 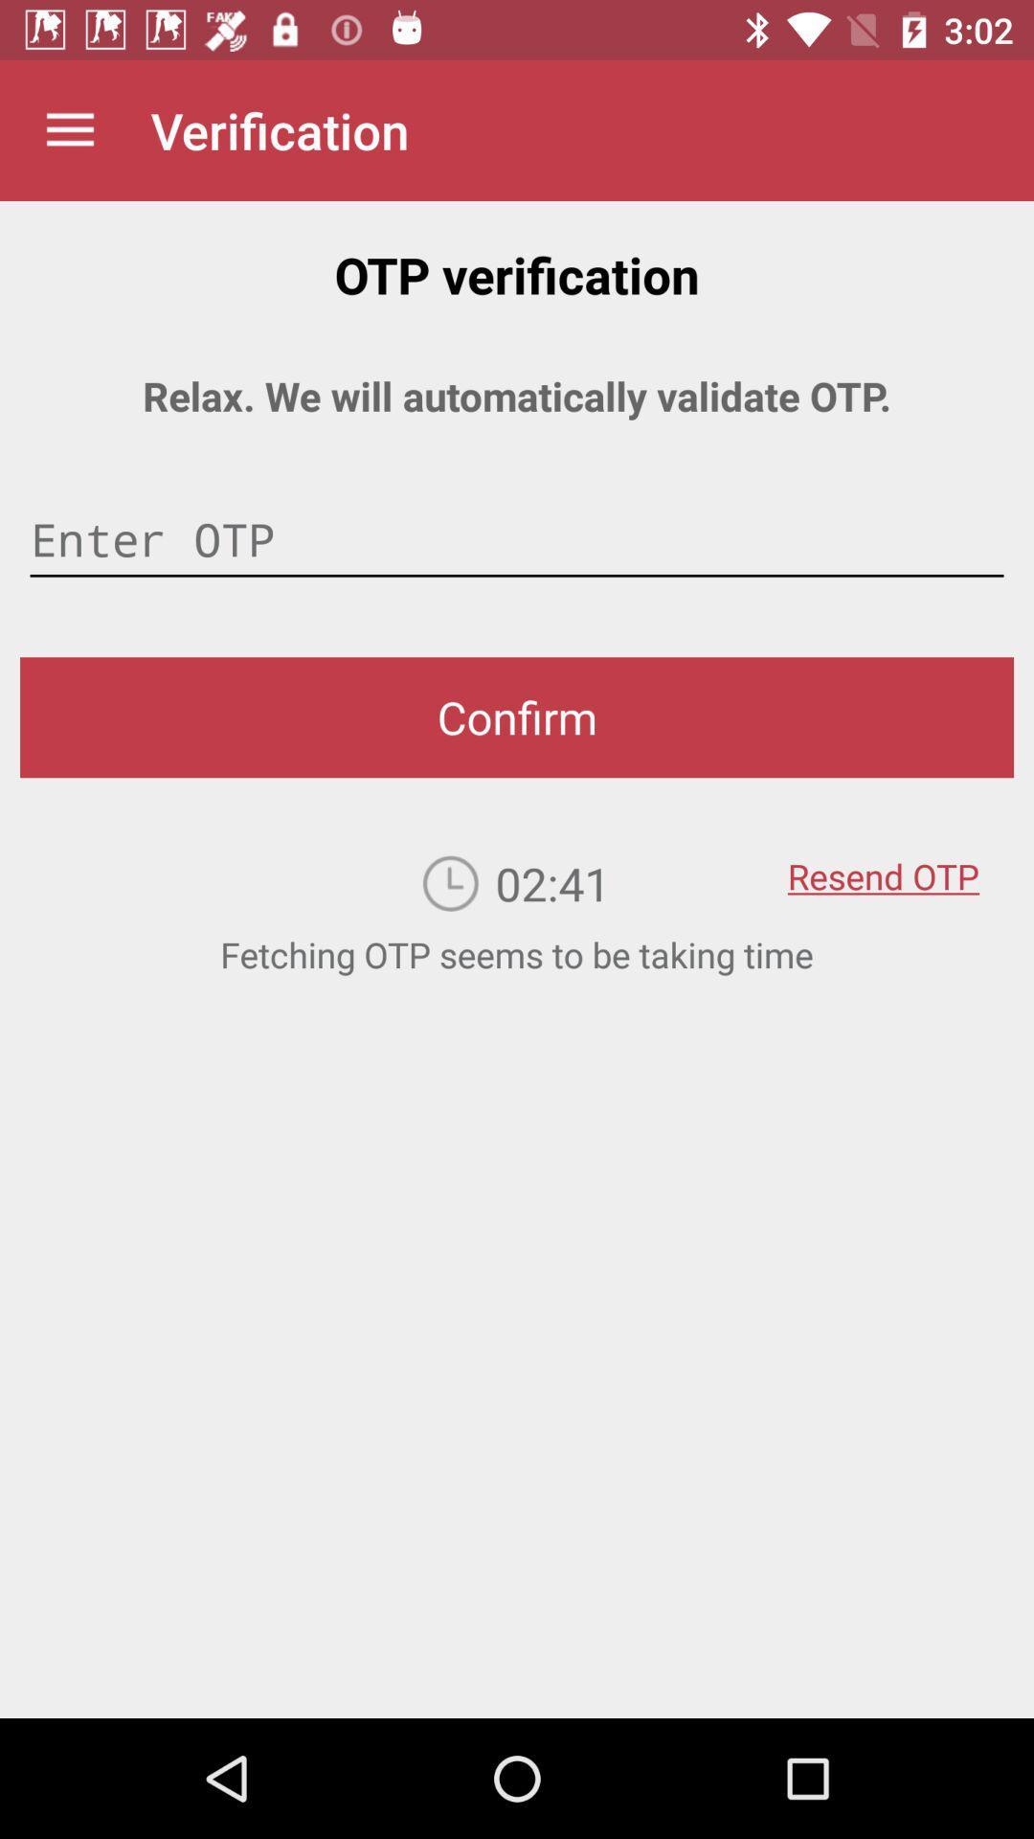 I want to click on item below the confirm item, so click(x=883, y=862).